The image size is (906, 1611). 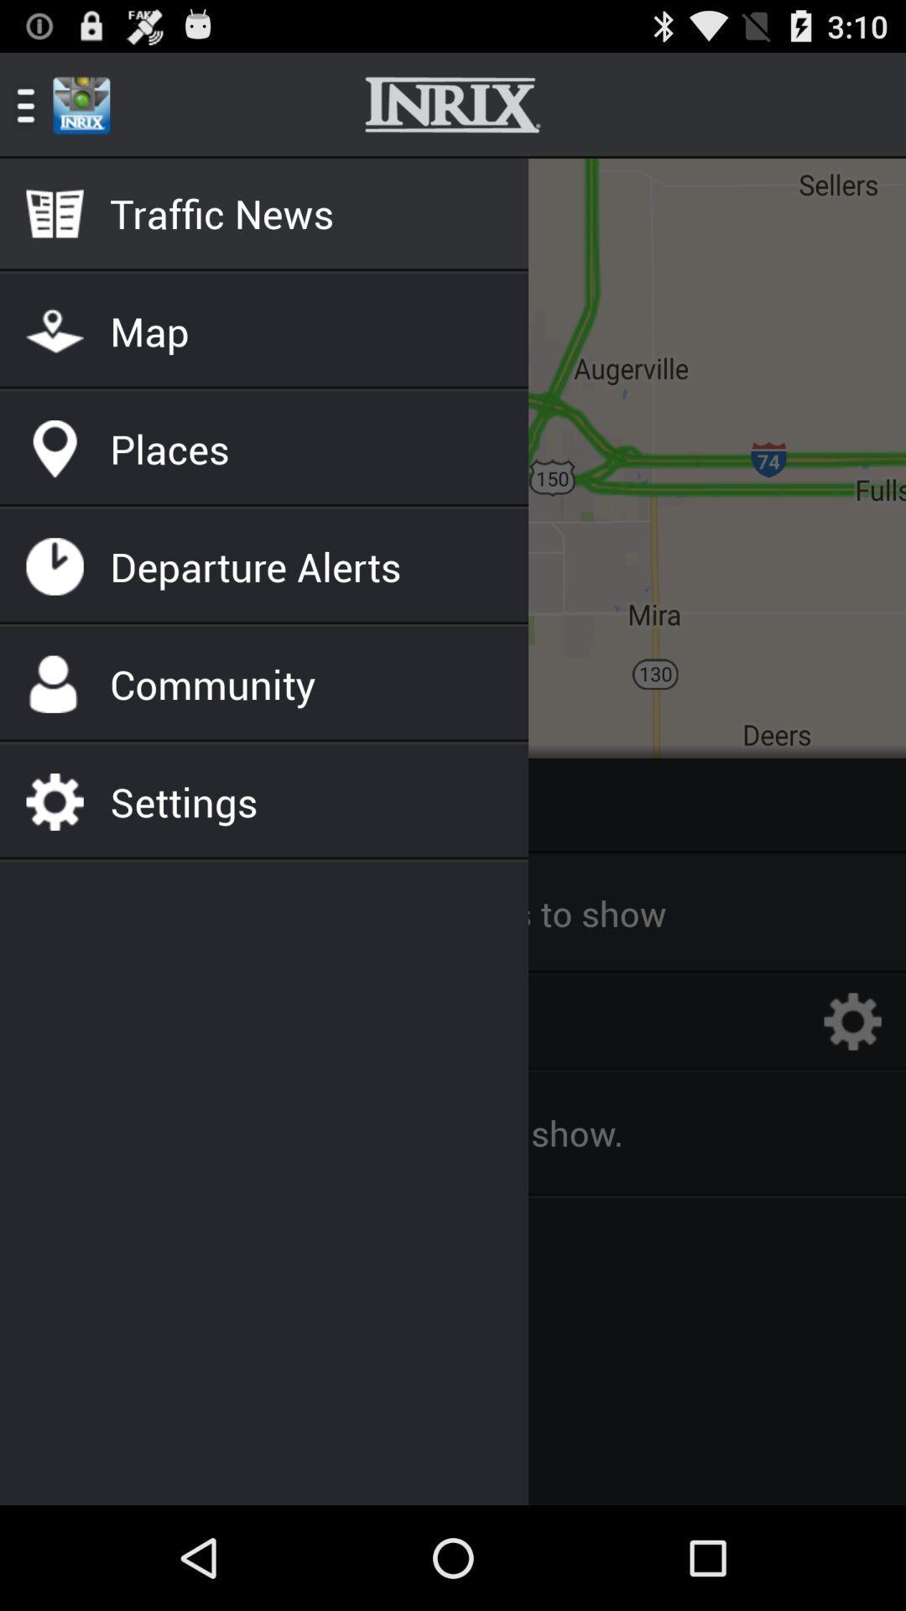 What do you see at coordinates (853, 1093) in the screenshot?
I see `the settings icon` at bounding box center [853, 1093].